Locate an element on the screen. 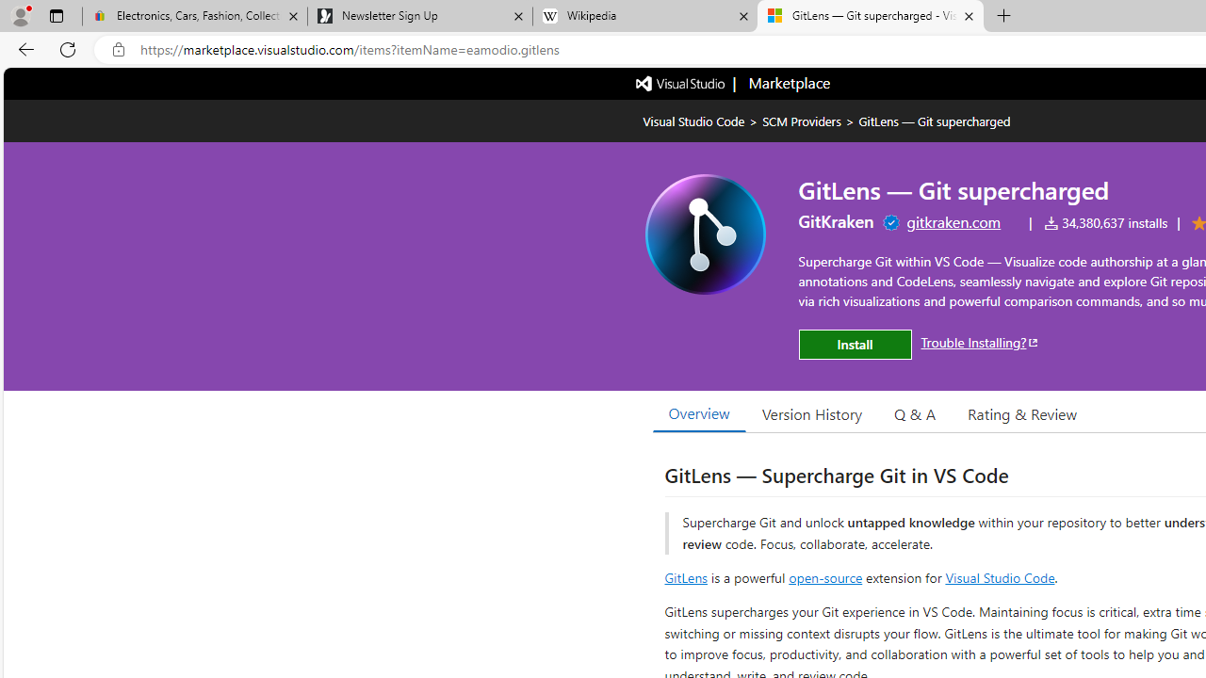 This screenshot has height=678, width=1206. 'Overview' is located at coordinates (698, 412).